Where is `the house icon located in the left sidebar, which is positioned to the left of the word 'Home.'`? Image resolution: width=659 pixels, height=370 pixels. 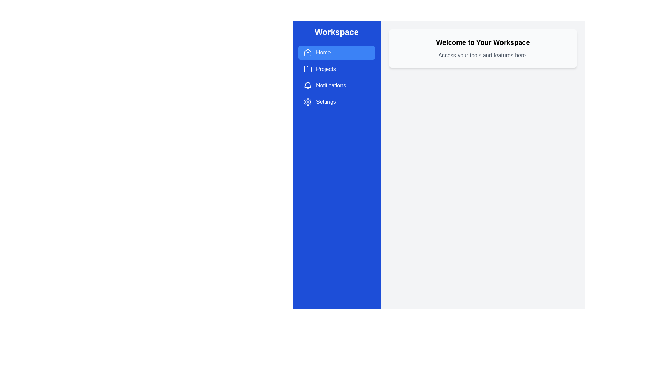 the house icon located in the left sidebar, which is positioned to the left of the word 'Home.' is located at coordinates (308, 52).